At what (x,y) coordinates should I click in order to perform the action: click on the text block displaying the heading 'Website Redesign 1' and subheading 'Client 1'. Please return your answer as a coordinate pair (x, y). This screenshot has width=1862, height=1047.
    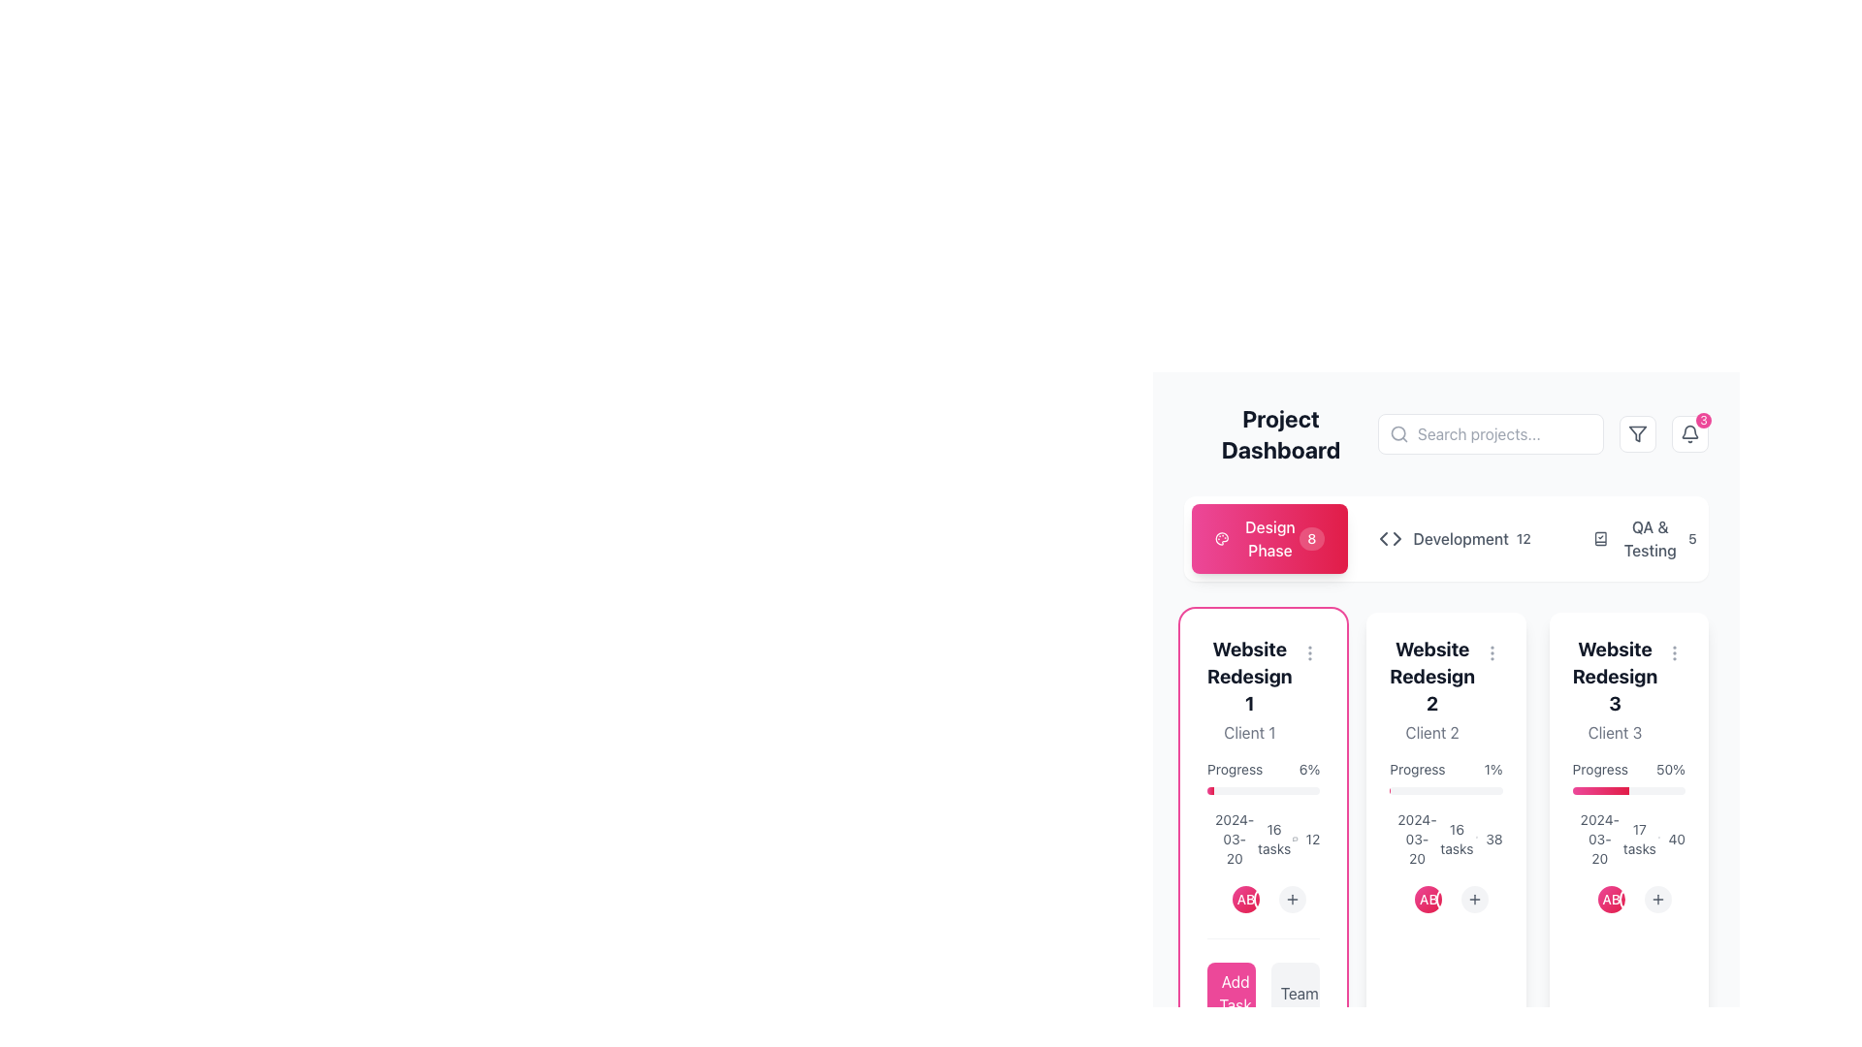
    Looking at the image, I should click on (1264, 689).